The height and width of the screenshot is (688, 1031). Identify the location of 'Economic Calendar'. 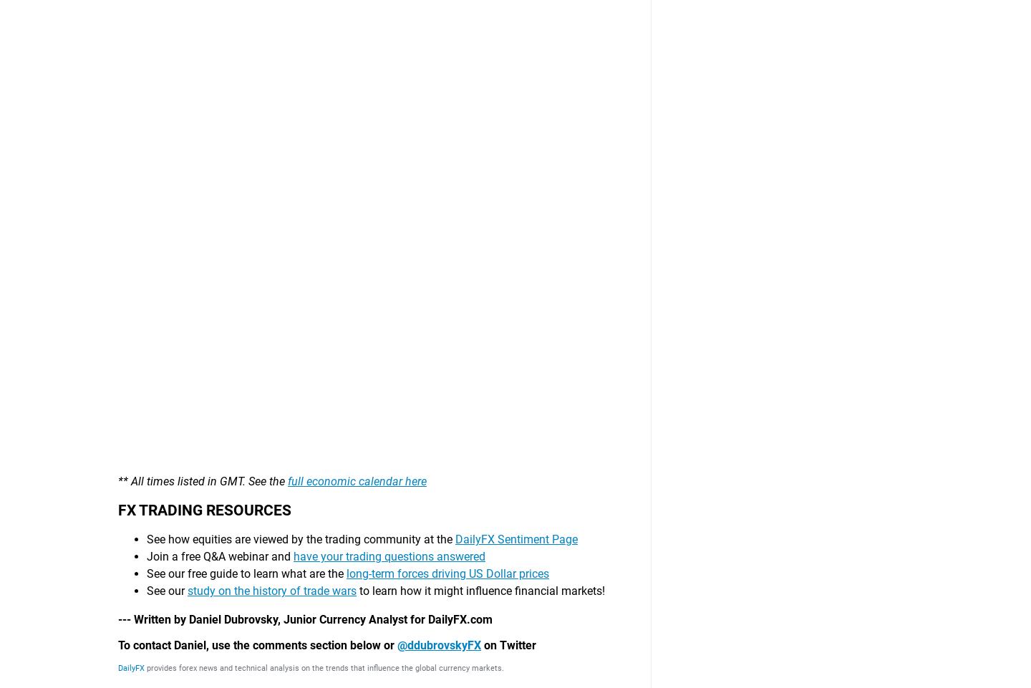
(565, 561).